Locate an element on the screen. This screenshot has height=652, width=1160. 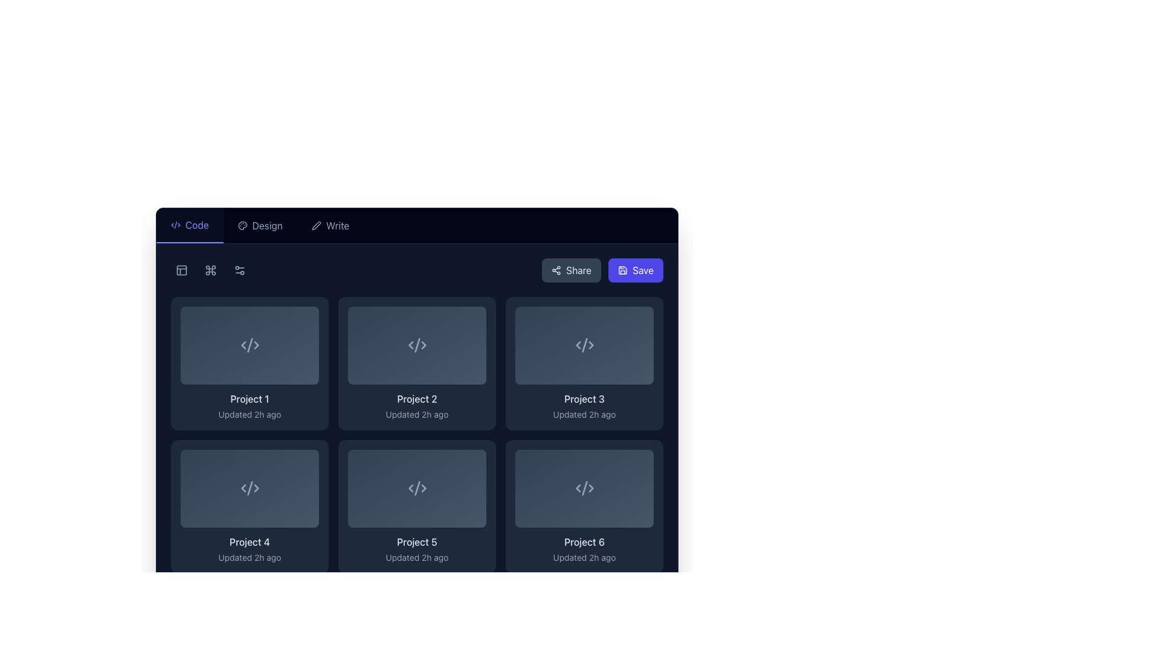
the text label displaying 'Project 2', which is styled in light slate color and located in the center column of the third row of the project cards grid is located at coordinates (417, 398).